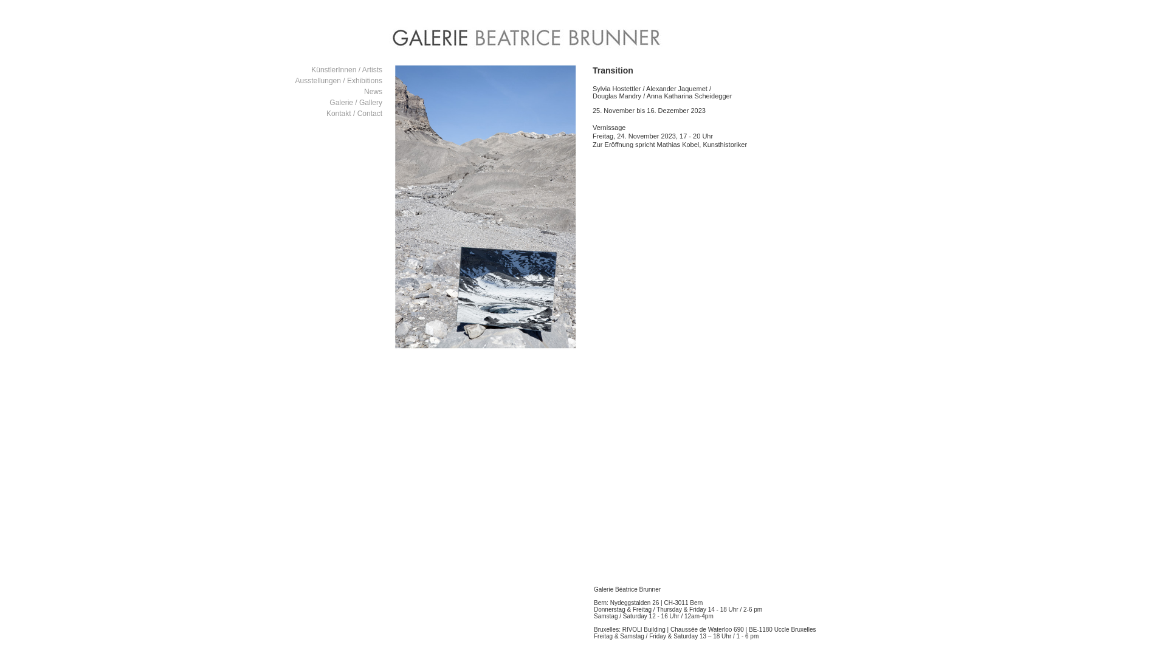 This screenshot has width=1167, height=656. What do you see at coordinates (326, 113) in the screenshot?
I see `'Kontakt / Contact'` at bounding box center [326, 113].